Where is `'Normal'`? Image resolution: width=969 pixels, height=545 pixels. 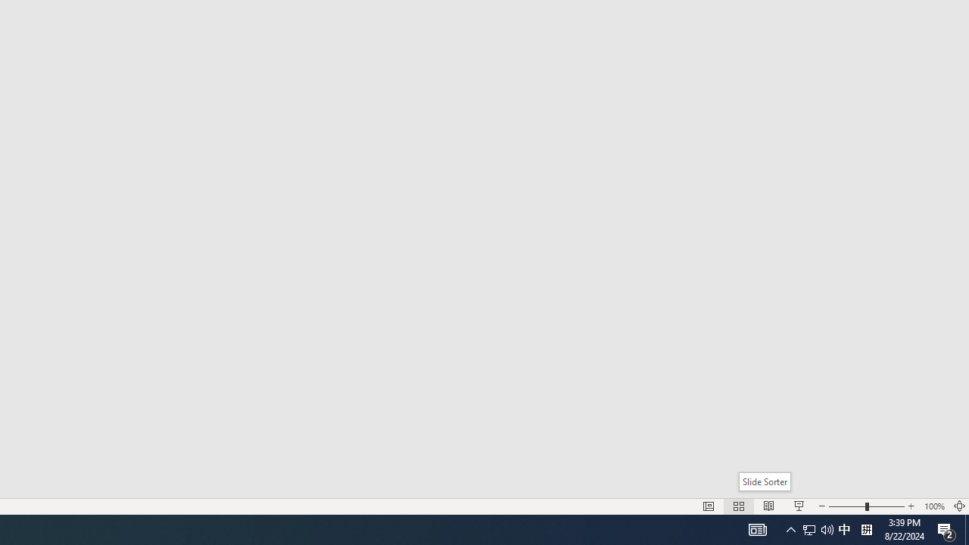 'Normal' is located at coordinates (708, 506).